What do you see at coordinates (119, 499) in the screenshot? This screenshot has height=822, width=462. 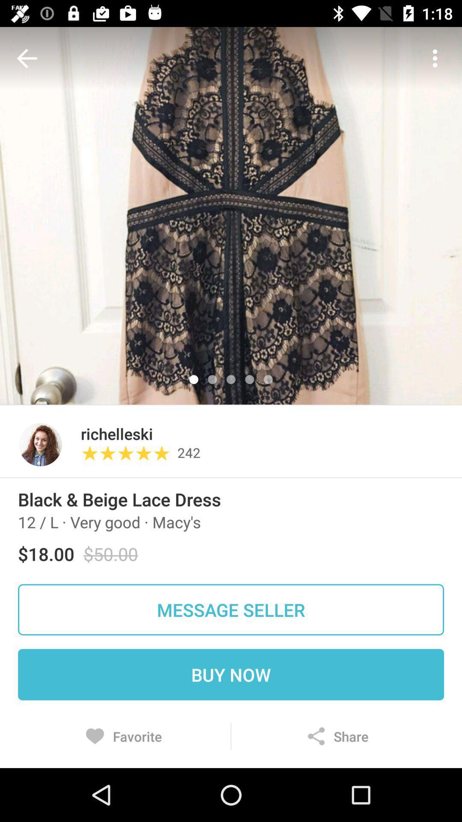 I see `the black beige lace item` at bounding box center [119, 499].